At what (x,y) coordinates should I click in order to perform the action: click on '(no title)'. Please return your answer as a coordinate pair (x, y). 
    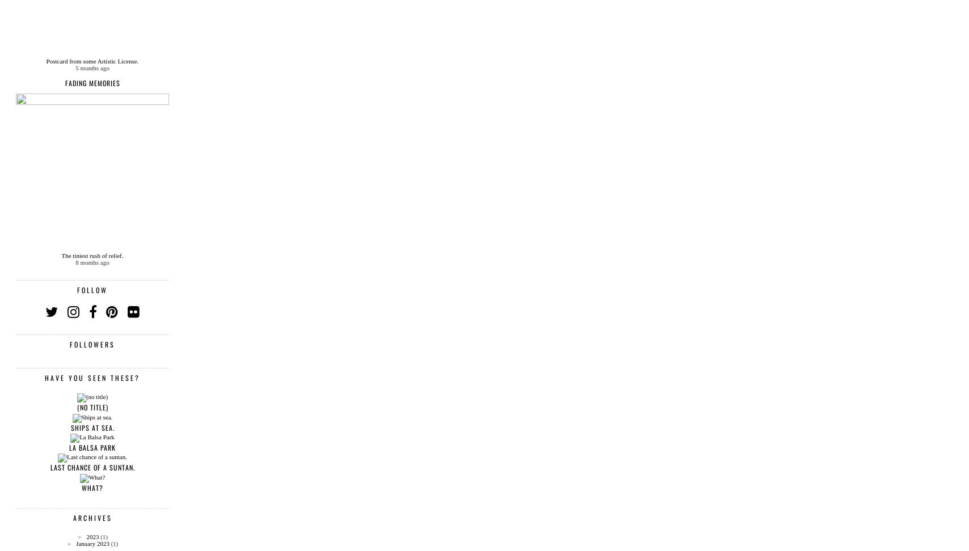
    Looking at the image, I should click on (92, 406).